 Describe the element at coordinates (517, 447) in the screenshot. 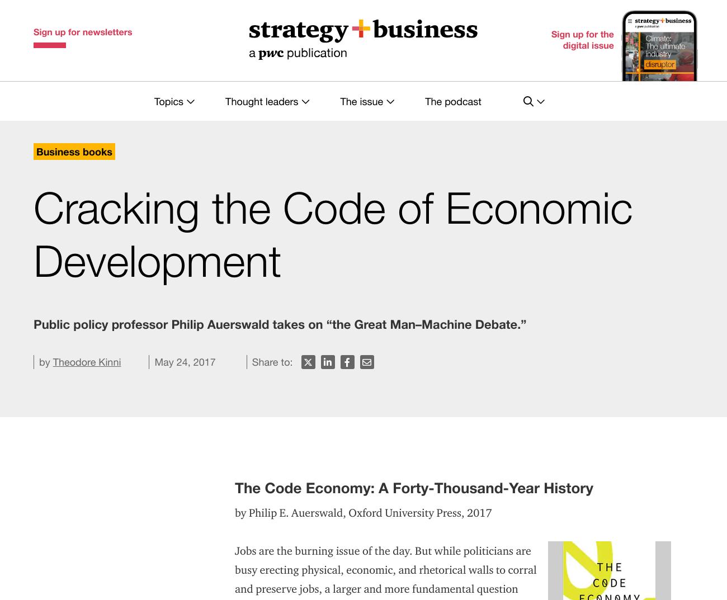

I see `'Leap to leader: Make yourself heard'` at that location.